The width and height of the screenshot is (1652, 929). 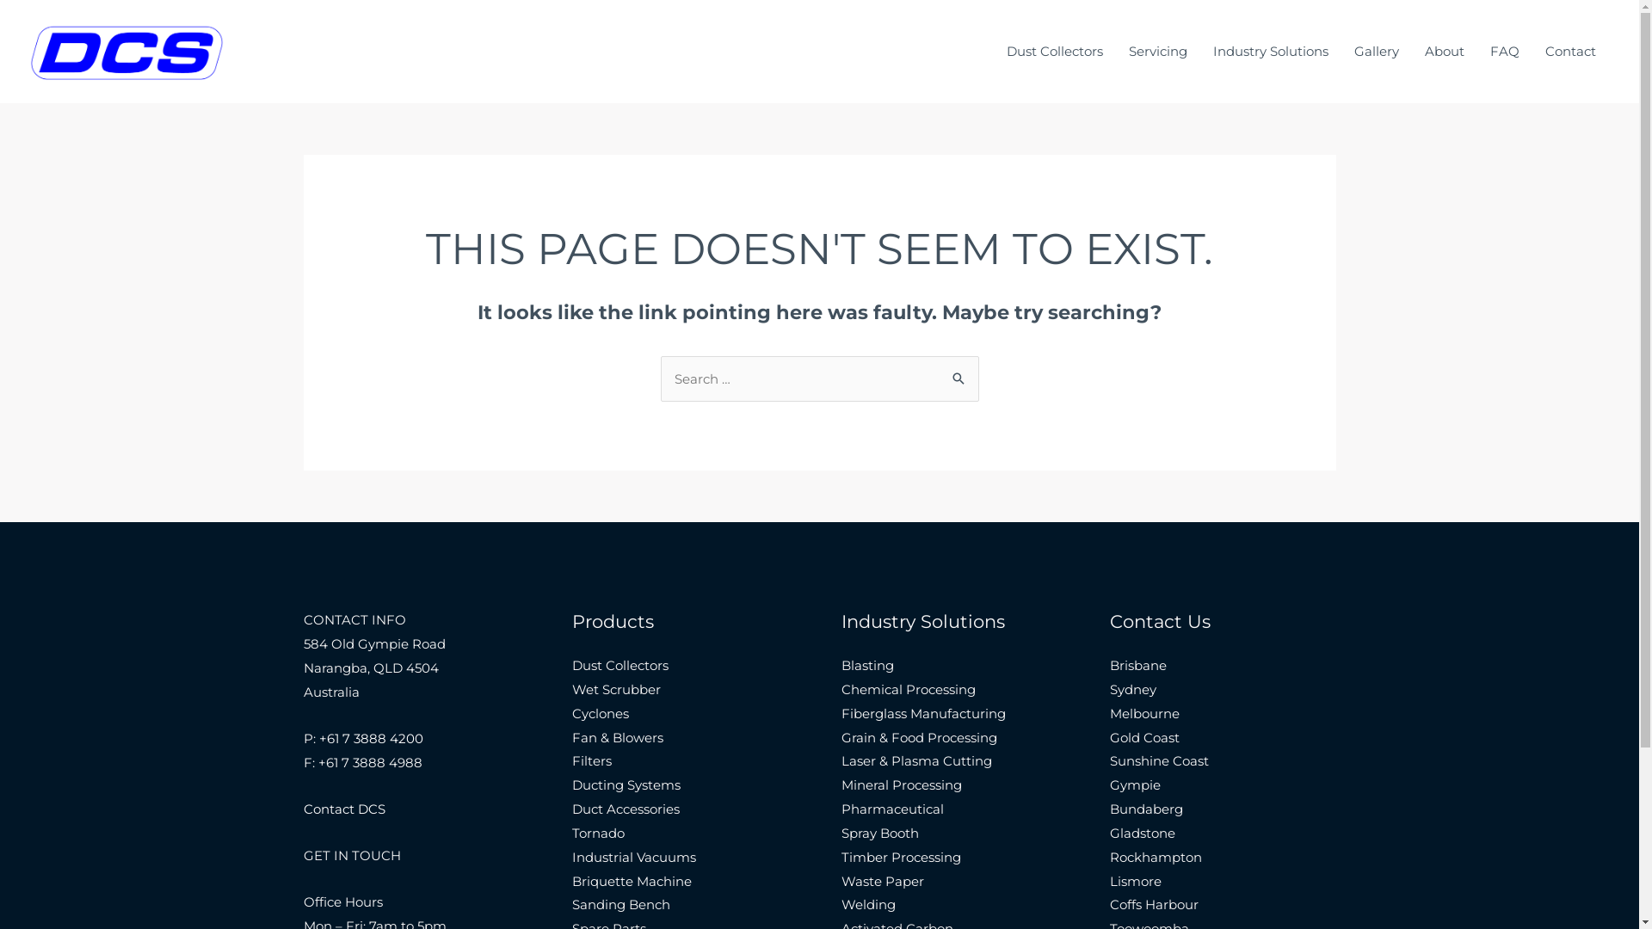 I want to click on 'Sunshine Coast', so click(x=1159, y=760).